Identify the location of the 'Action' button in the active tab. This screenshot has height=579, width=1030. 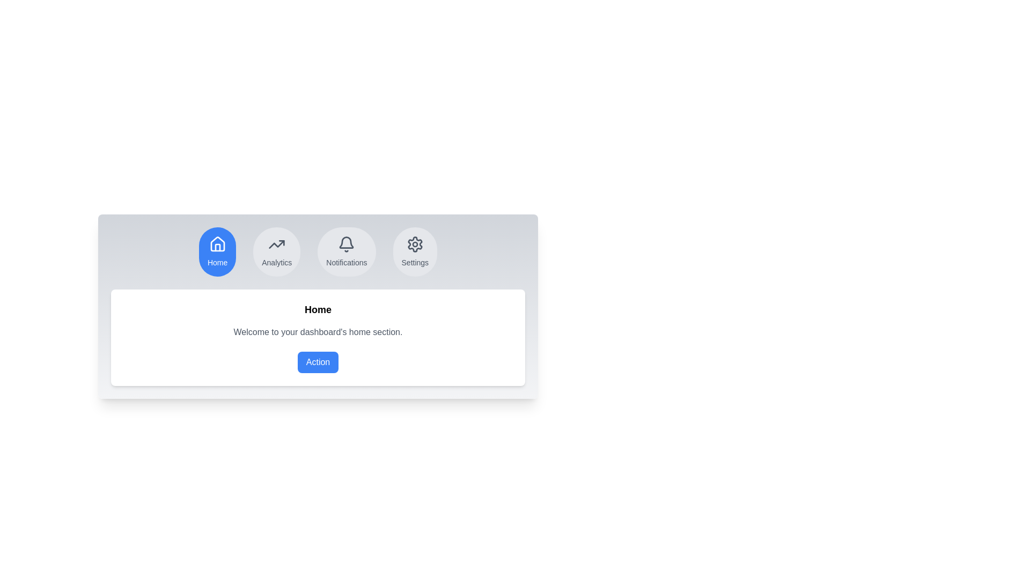
(318, 362).